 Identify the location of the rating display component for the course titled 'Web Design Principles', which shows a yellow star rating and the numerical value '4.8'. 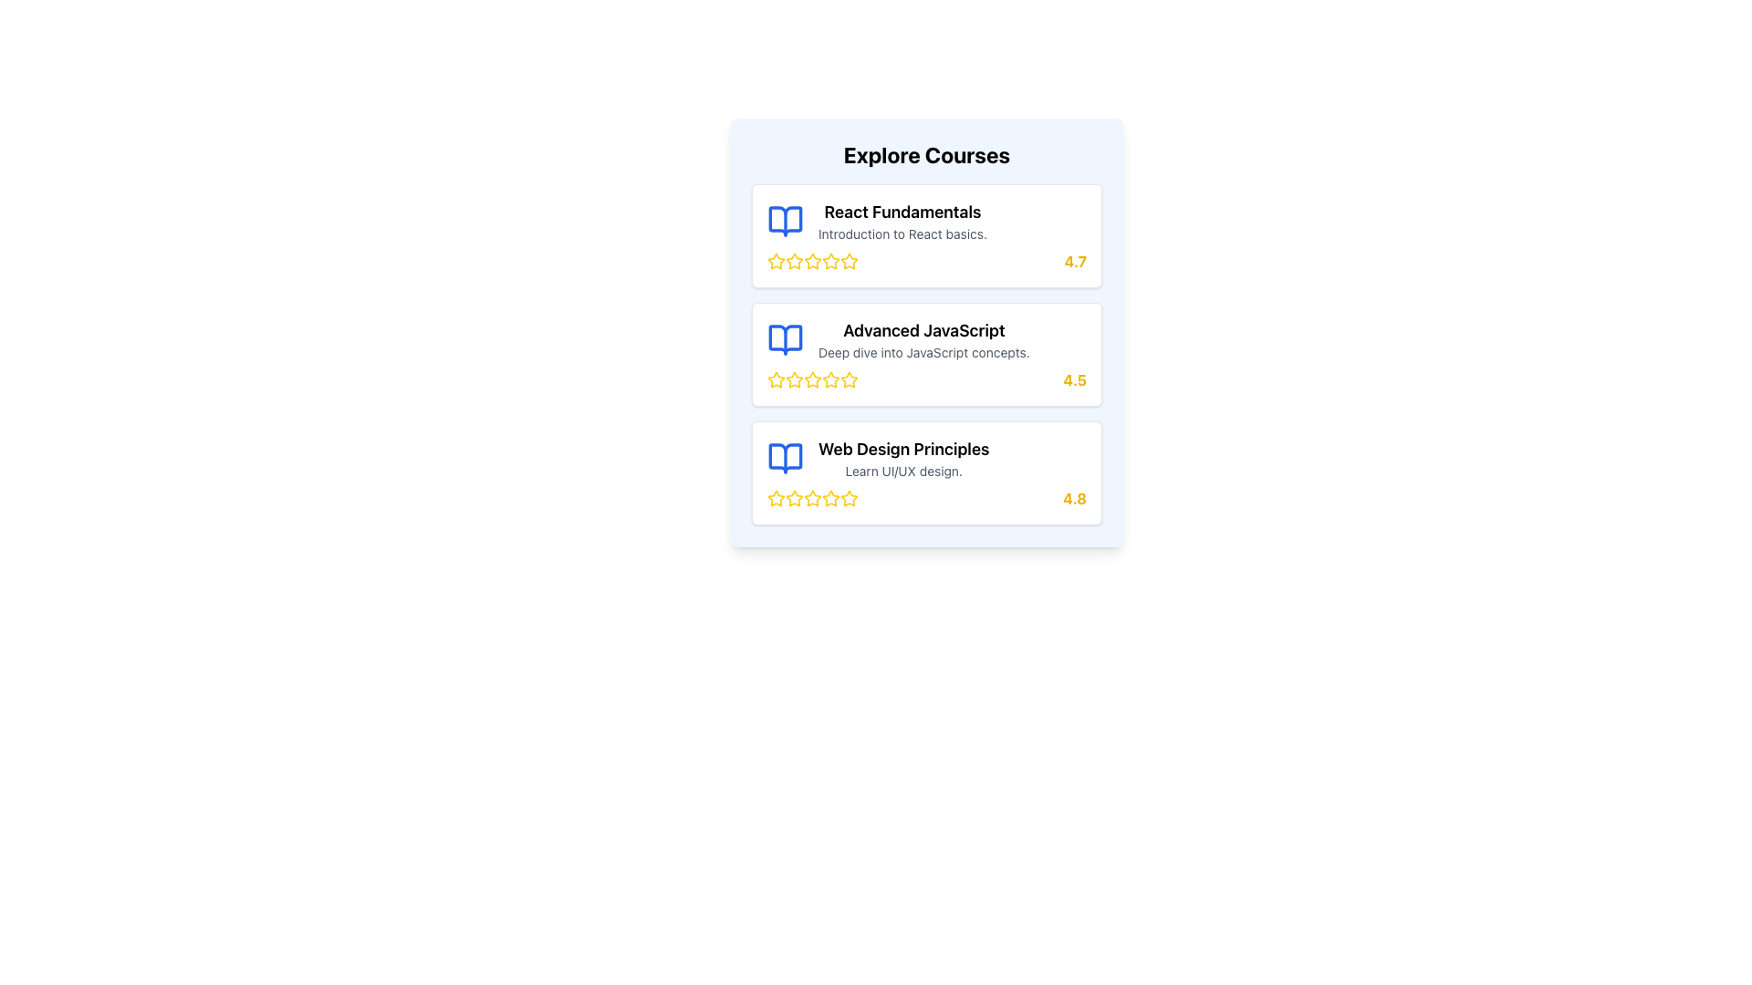
(927, 499).